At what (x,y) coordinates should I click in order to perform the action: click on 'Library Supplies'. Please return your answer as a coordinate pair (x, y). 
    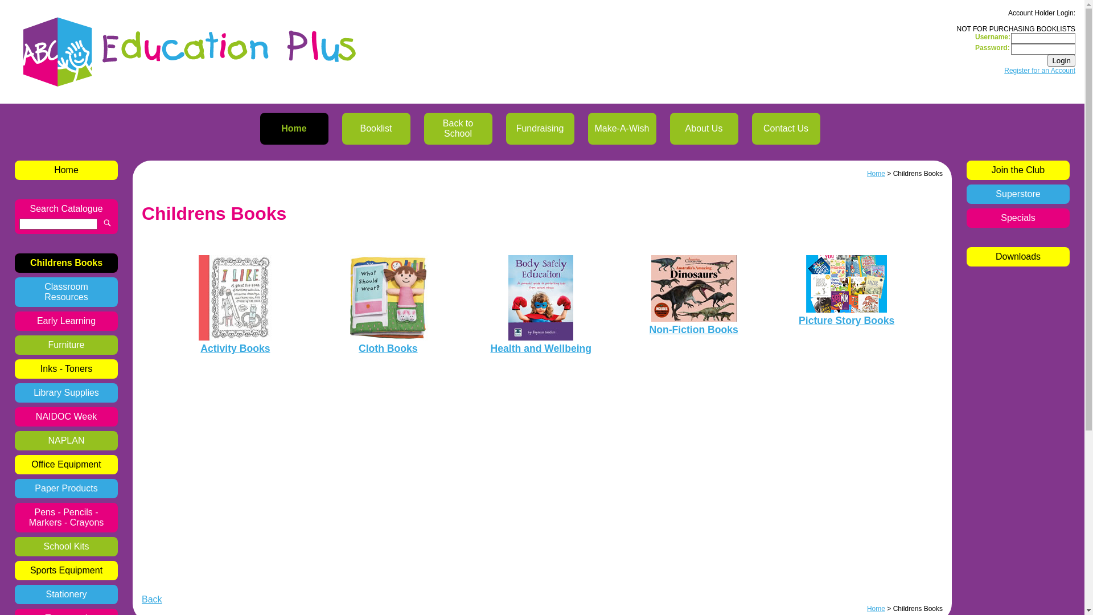
    Looking at the image, I should click on (65, 392).